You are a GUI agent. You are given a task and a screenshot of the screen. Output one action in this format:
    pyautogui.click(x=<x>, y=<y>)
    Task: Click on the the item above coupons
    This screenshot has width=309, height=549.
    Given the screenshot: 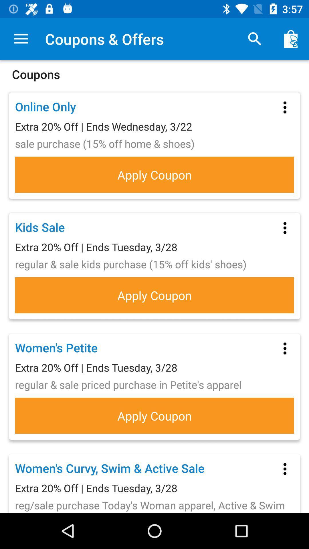 What is the action you would take?
    pyautogui.click(x=21, y=39)
    